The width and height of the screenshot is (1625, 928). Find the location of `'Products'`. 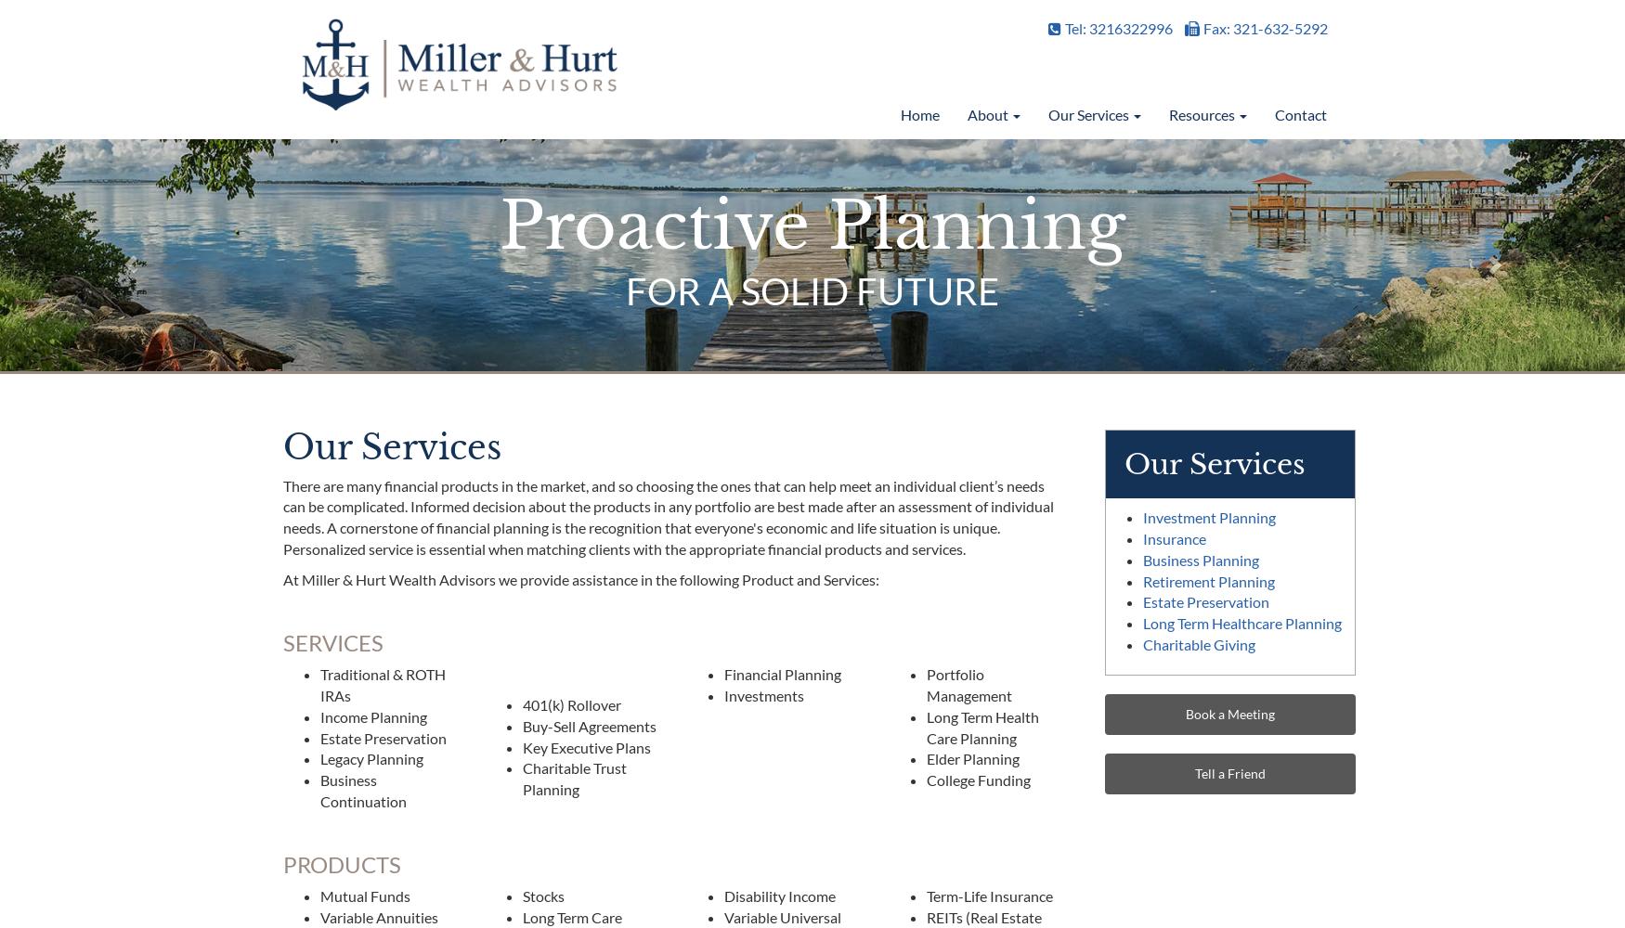

'Products' is located at coordinates (342, 863).